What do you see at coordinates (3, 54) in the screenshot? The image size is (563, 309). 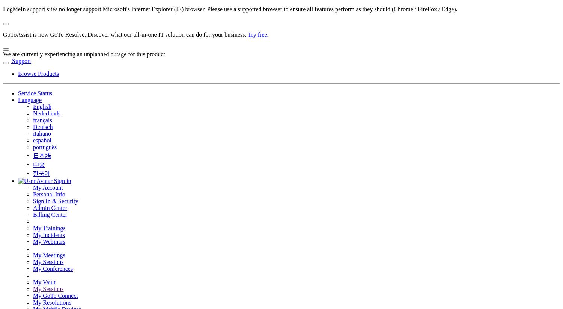 I see `'We are currently experiencing an unplanned outage for this product.'` at bounding box center [3, 54].